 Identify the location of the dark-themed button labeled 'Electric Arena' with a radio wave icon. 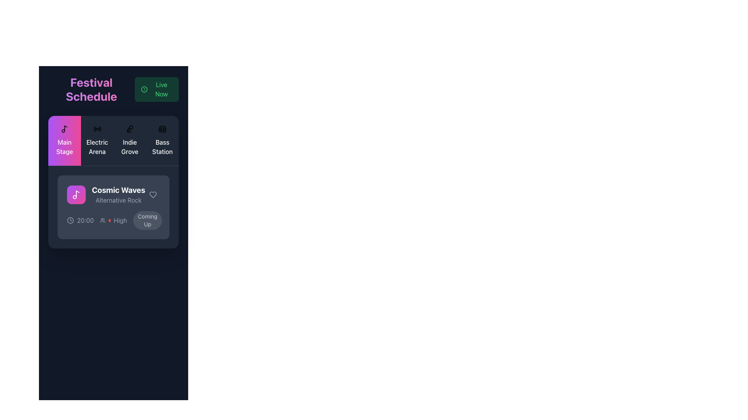
(97, 141).